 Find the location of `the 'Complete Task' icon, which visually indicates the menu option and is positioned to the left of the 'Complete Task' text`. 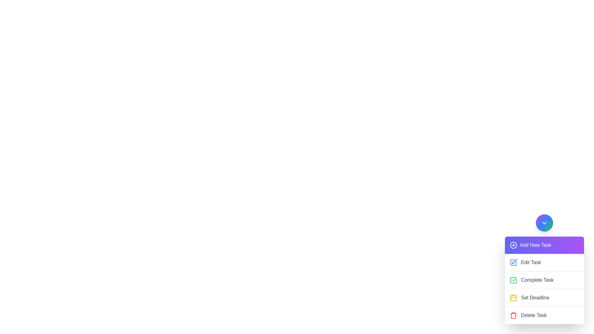

the 'Complete Task' icon, which visually indicates the menu option and is positioned to the left of the 'Complete Task' text is located at coordinates (514, 280).